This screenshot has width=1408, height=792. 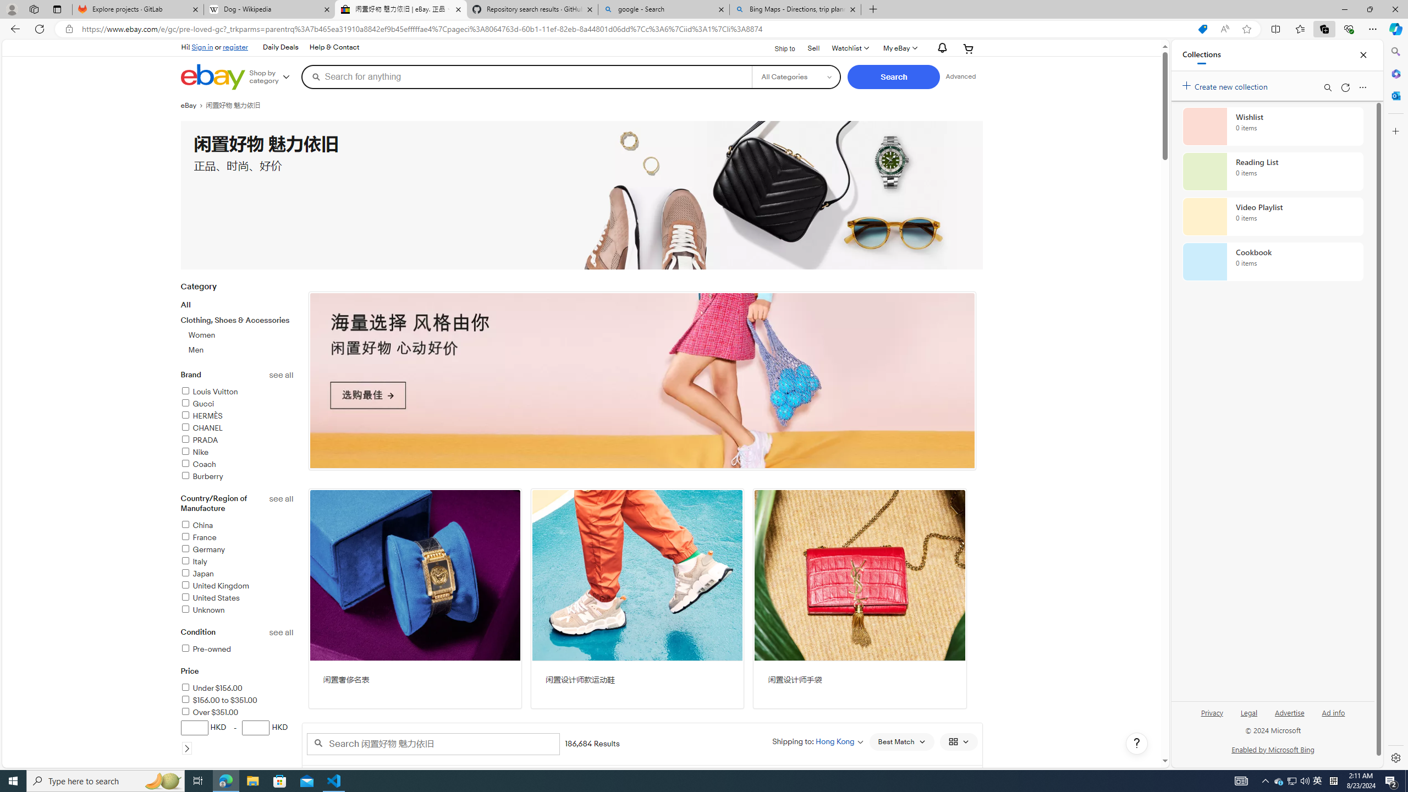 What do you see at coordinates (1273, 170) in the screenshot?
I see `'Reading List collection, 0 items'` at bounding box center [1273, 170].